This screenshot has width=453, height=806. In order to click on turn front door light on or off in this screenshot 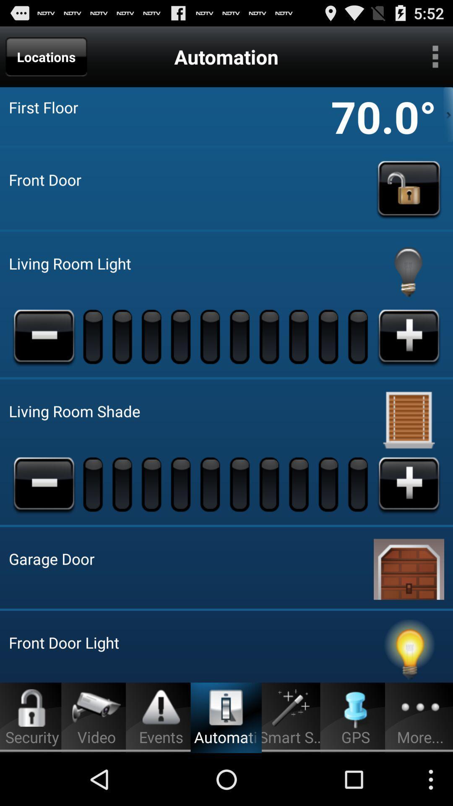, I will do `click(409, 650)`.